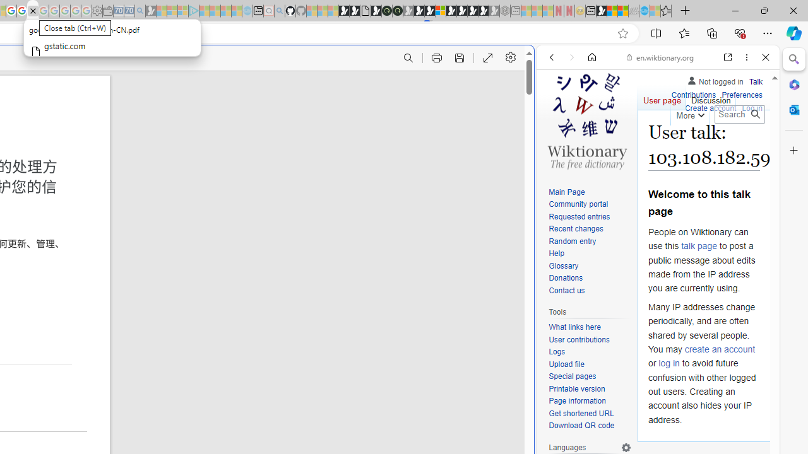 This screenshot has width=808, height=454. I want to click on 'Microsoft 365', so click(793, 84).